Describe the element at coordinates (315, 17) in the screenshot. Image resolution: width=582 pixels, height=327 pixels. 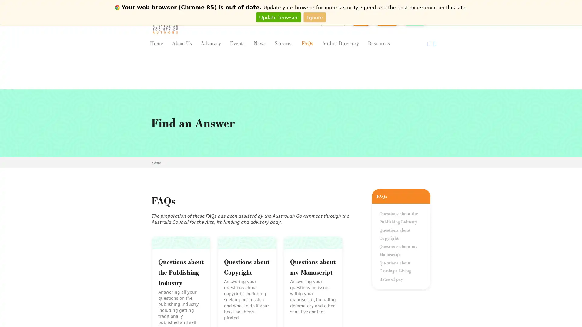
I see `Ignore` at that location.